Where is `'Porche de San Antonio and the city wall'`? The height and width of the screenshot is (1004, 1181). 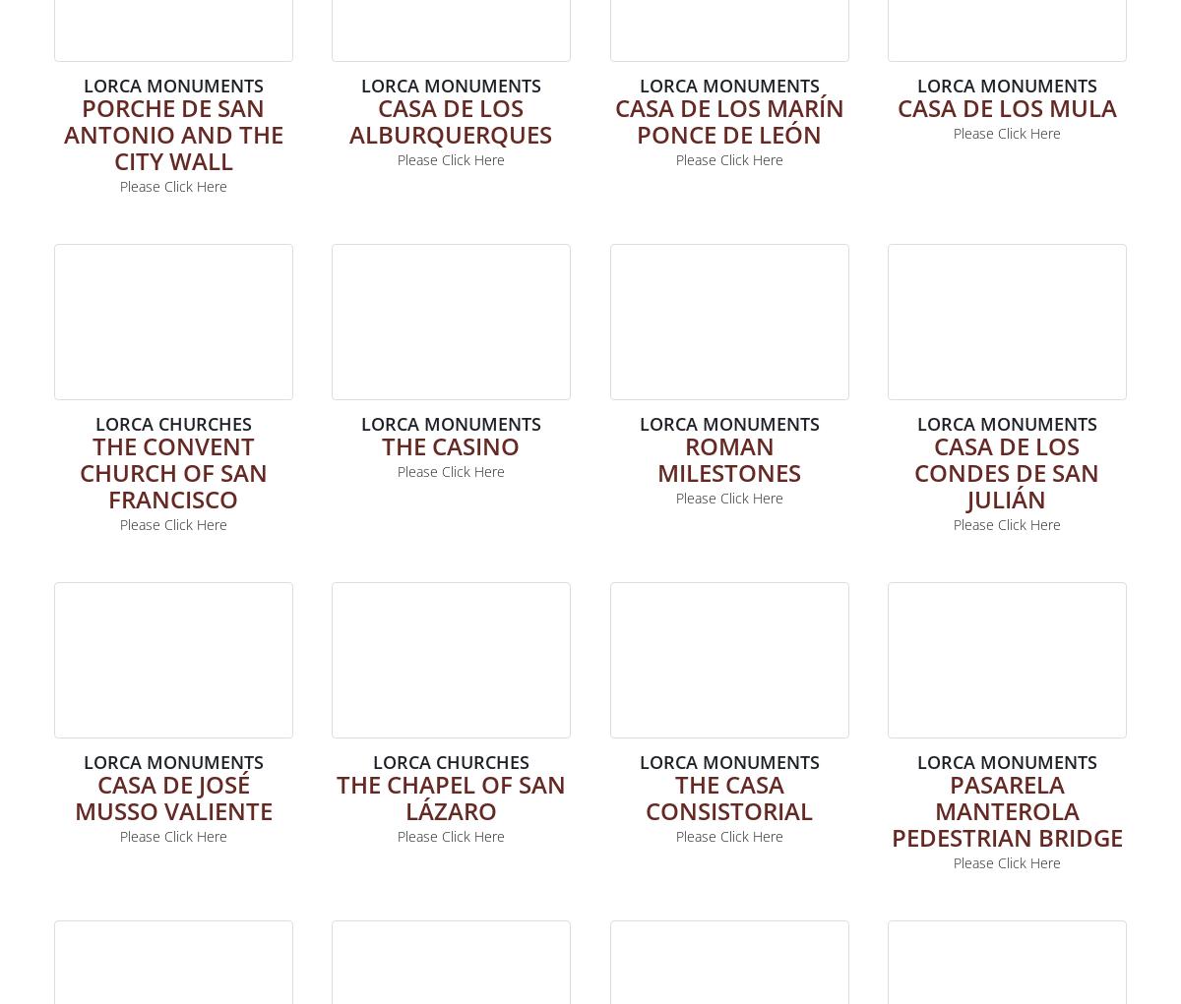 'Porche de San Antonio and the city wall' is located at coordinates (171, 133).